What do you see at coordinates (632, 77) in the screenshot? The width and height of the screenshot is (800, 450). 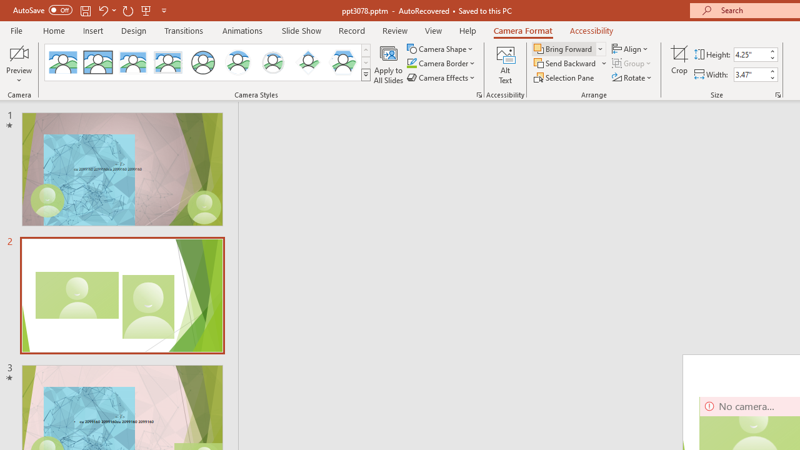 I see `'Rotate'` at bounding box center [632, 77].